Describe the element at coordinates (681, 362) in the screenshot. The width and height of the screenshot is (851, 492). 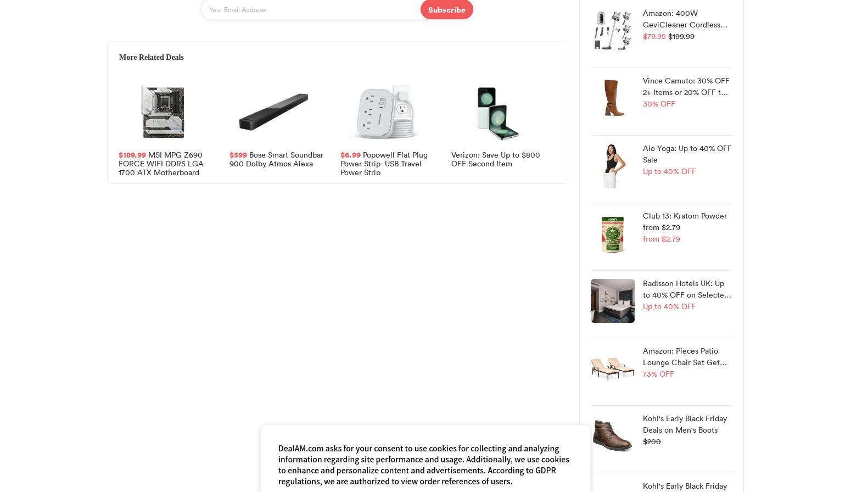
I see `'Amazon: Pieces Patio Lounge Chair Set Get 73% OFF'` at that location.